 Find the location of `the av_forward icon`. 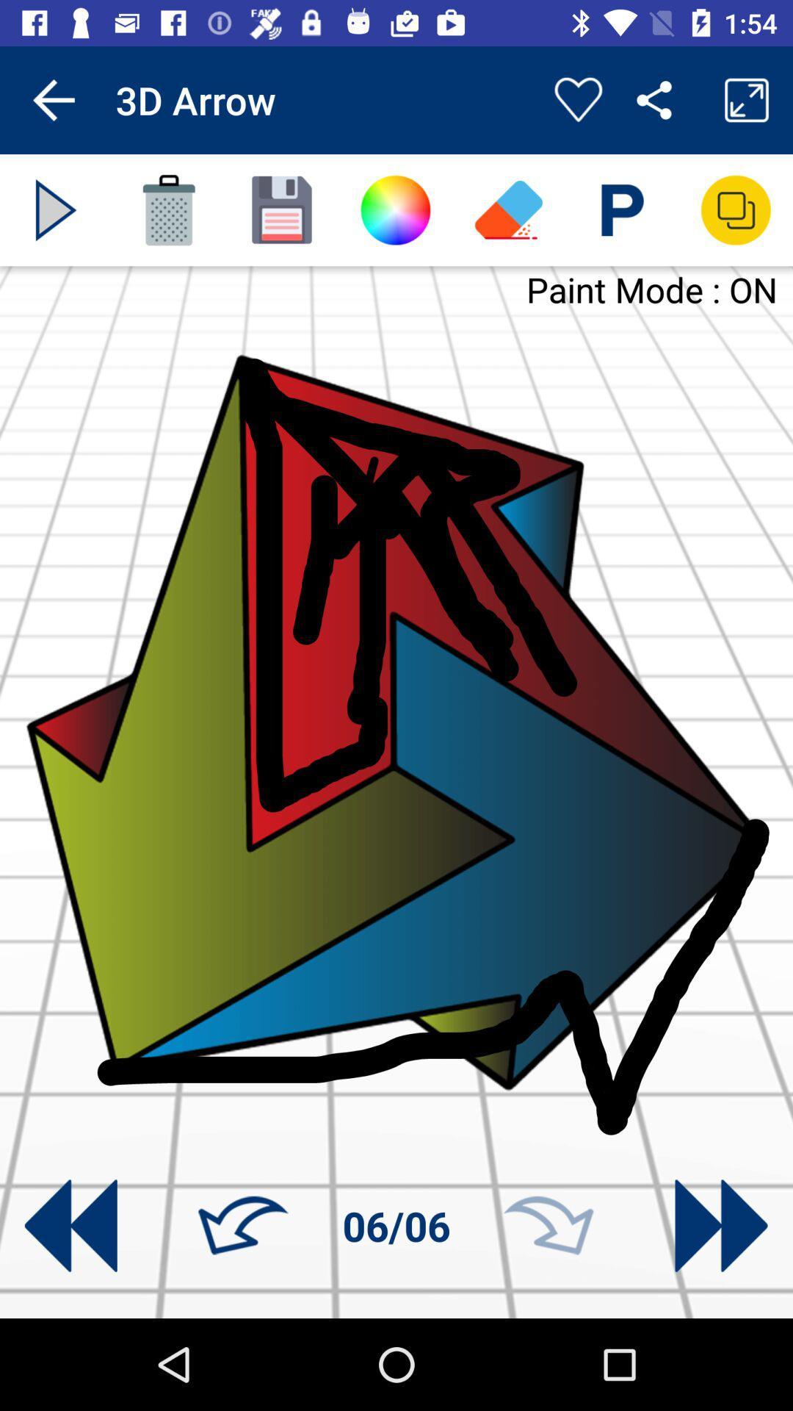

the av_forward icon is located at coordinates (720, 1226).